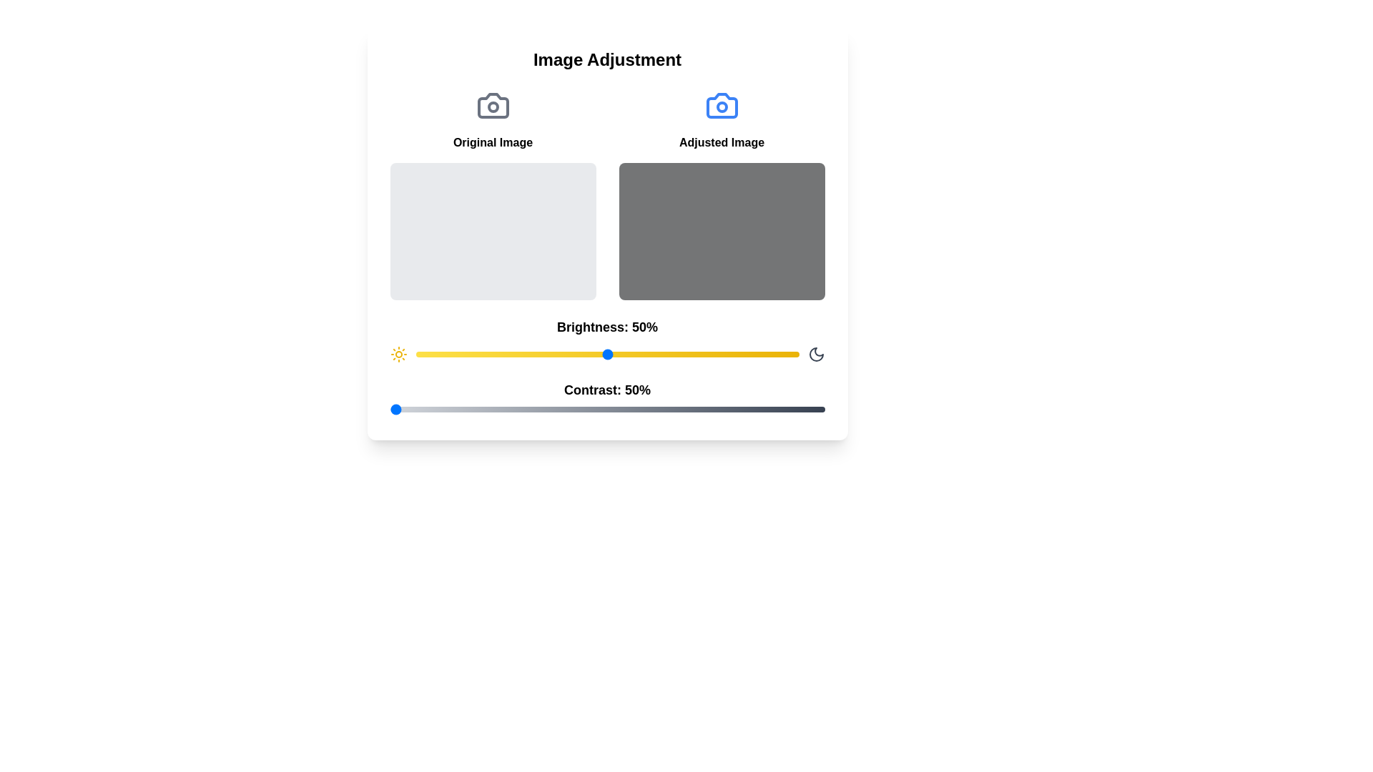 This screenshot has width=1373, height=772. What do you see at coordinates (477, 354) in the screenshot?
I see `the slider value` at bounding box center [477, 354].